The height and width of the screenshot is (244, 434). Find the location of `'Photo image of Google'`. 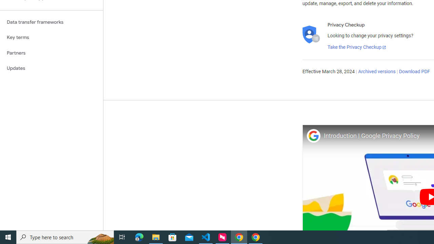

'Photo image of Google' is located at coordinates (313, 136).